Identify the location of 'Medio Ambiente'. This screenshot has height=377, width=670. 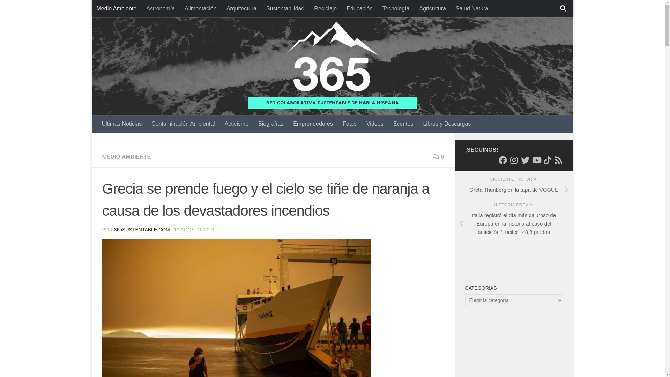
(116, 8).